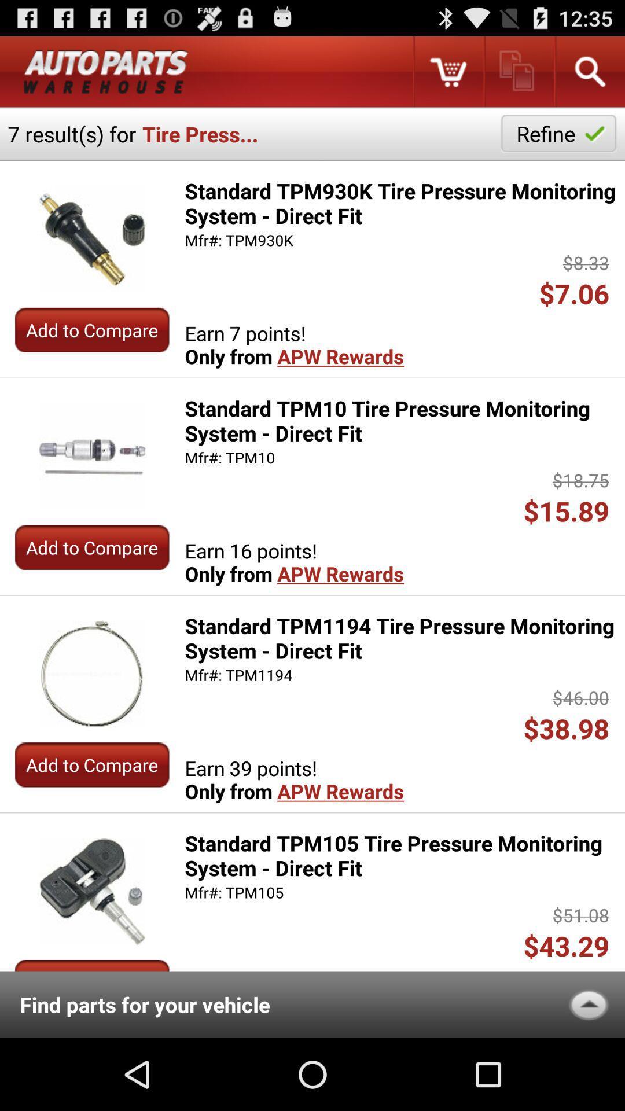 The width and height of the screenshot is (625, 1111). Describe the element at coordinates (447, 76) in the screenshot. I see `the cart icon` at that location.